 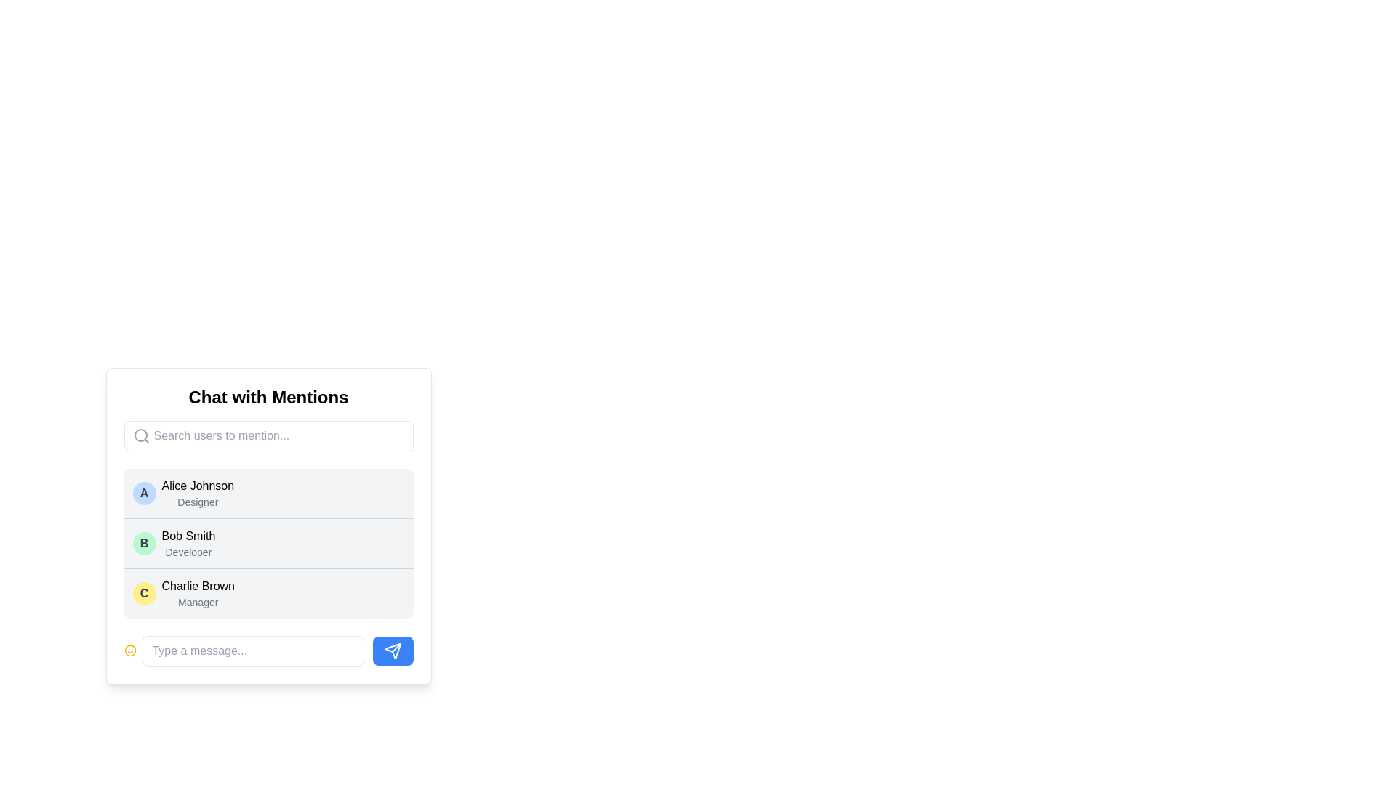 What do you see at coordinates (130, 650) in the screenshot?
I see `the yellow circular smiley icon located to the left of the text input field in the comment section` at bounding box center [130, 650].